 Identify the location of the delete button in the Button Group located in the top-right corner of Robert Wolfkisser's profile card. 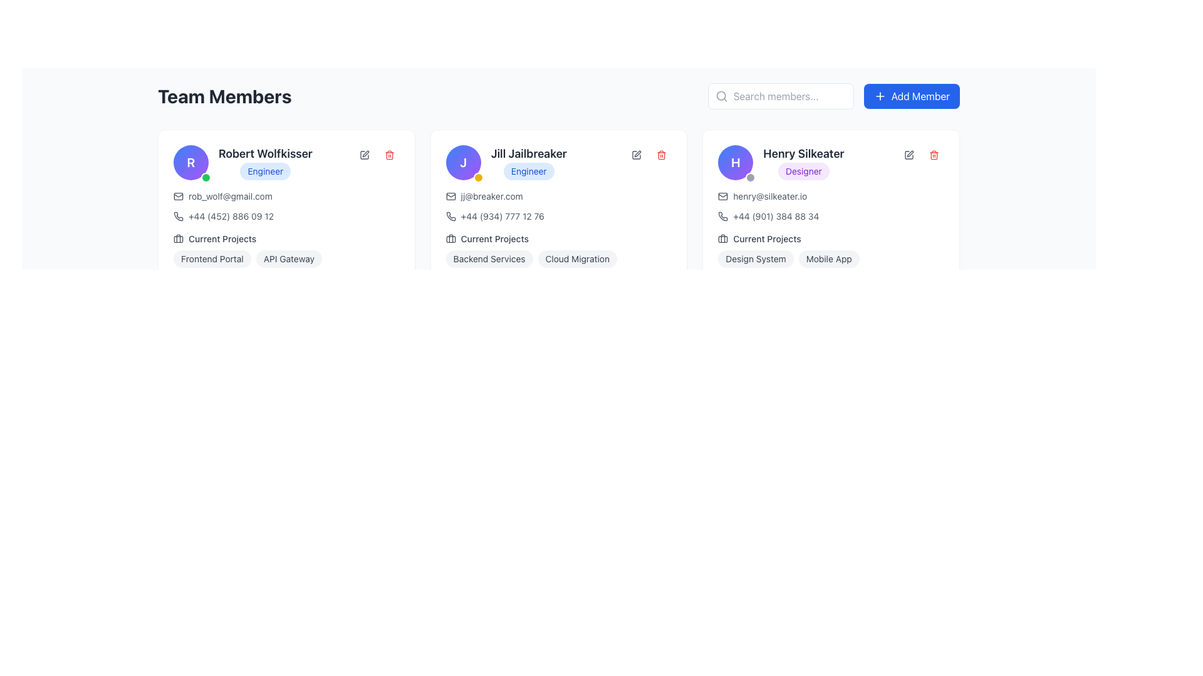
(376, 154).